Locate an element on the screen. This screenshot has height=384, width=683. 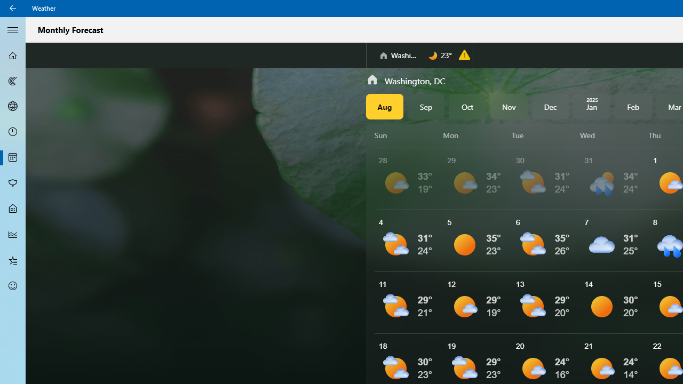
'Favorites - Not Selected' is located at coordinates (13, 260).